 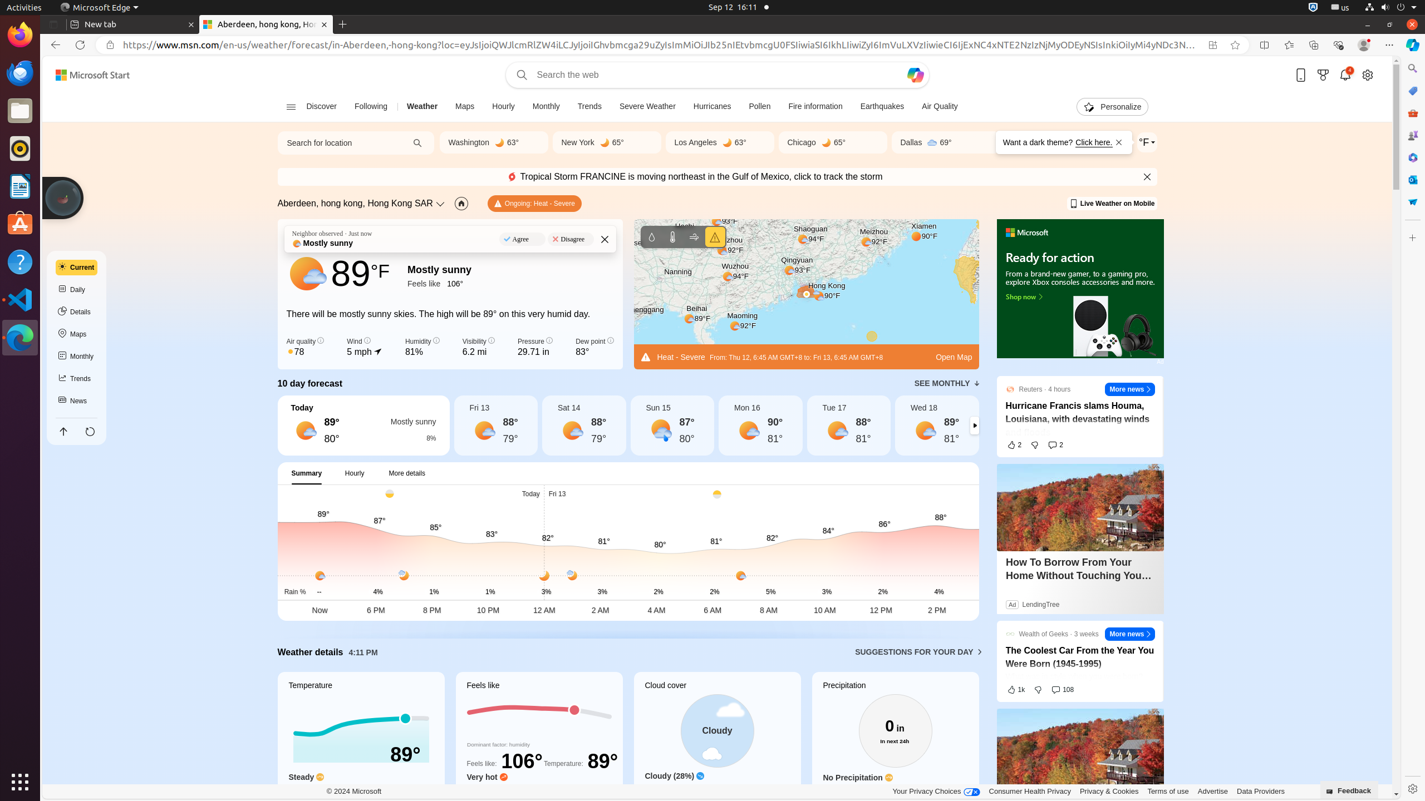 What do you see at coordinates (1289, 44) in the screenshot?
I see `'Favorites'` at bounding box center [1289, 44].